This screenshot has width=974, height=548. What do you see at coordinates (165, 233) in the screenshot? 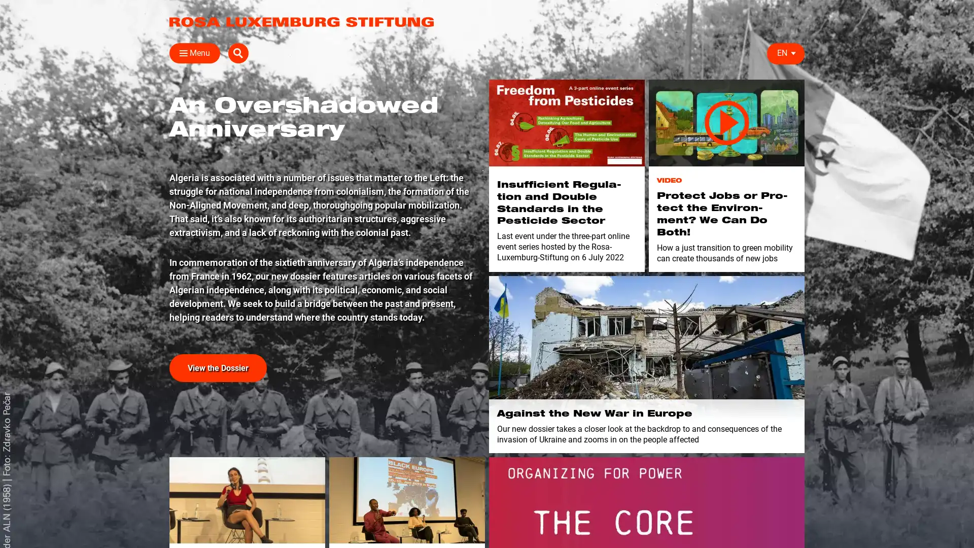
I see `Show more / less` at bounding box center [165, 233].